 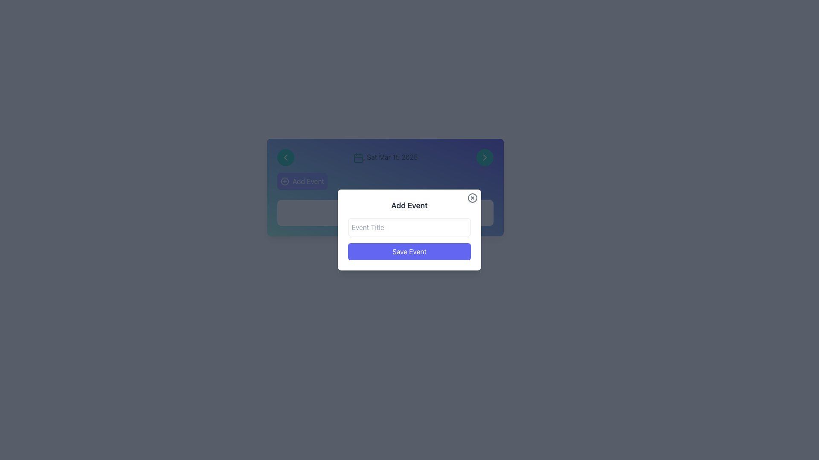 I want to click on the icon element that symbolizes the action of adding an event, located to the left of the 'Add Event' text, so click(x=285, y=181).